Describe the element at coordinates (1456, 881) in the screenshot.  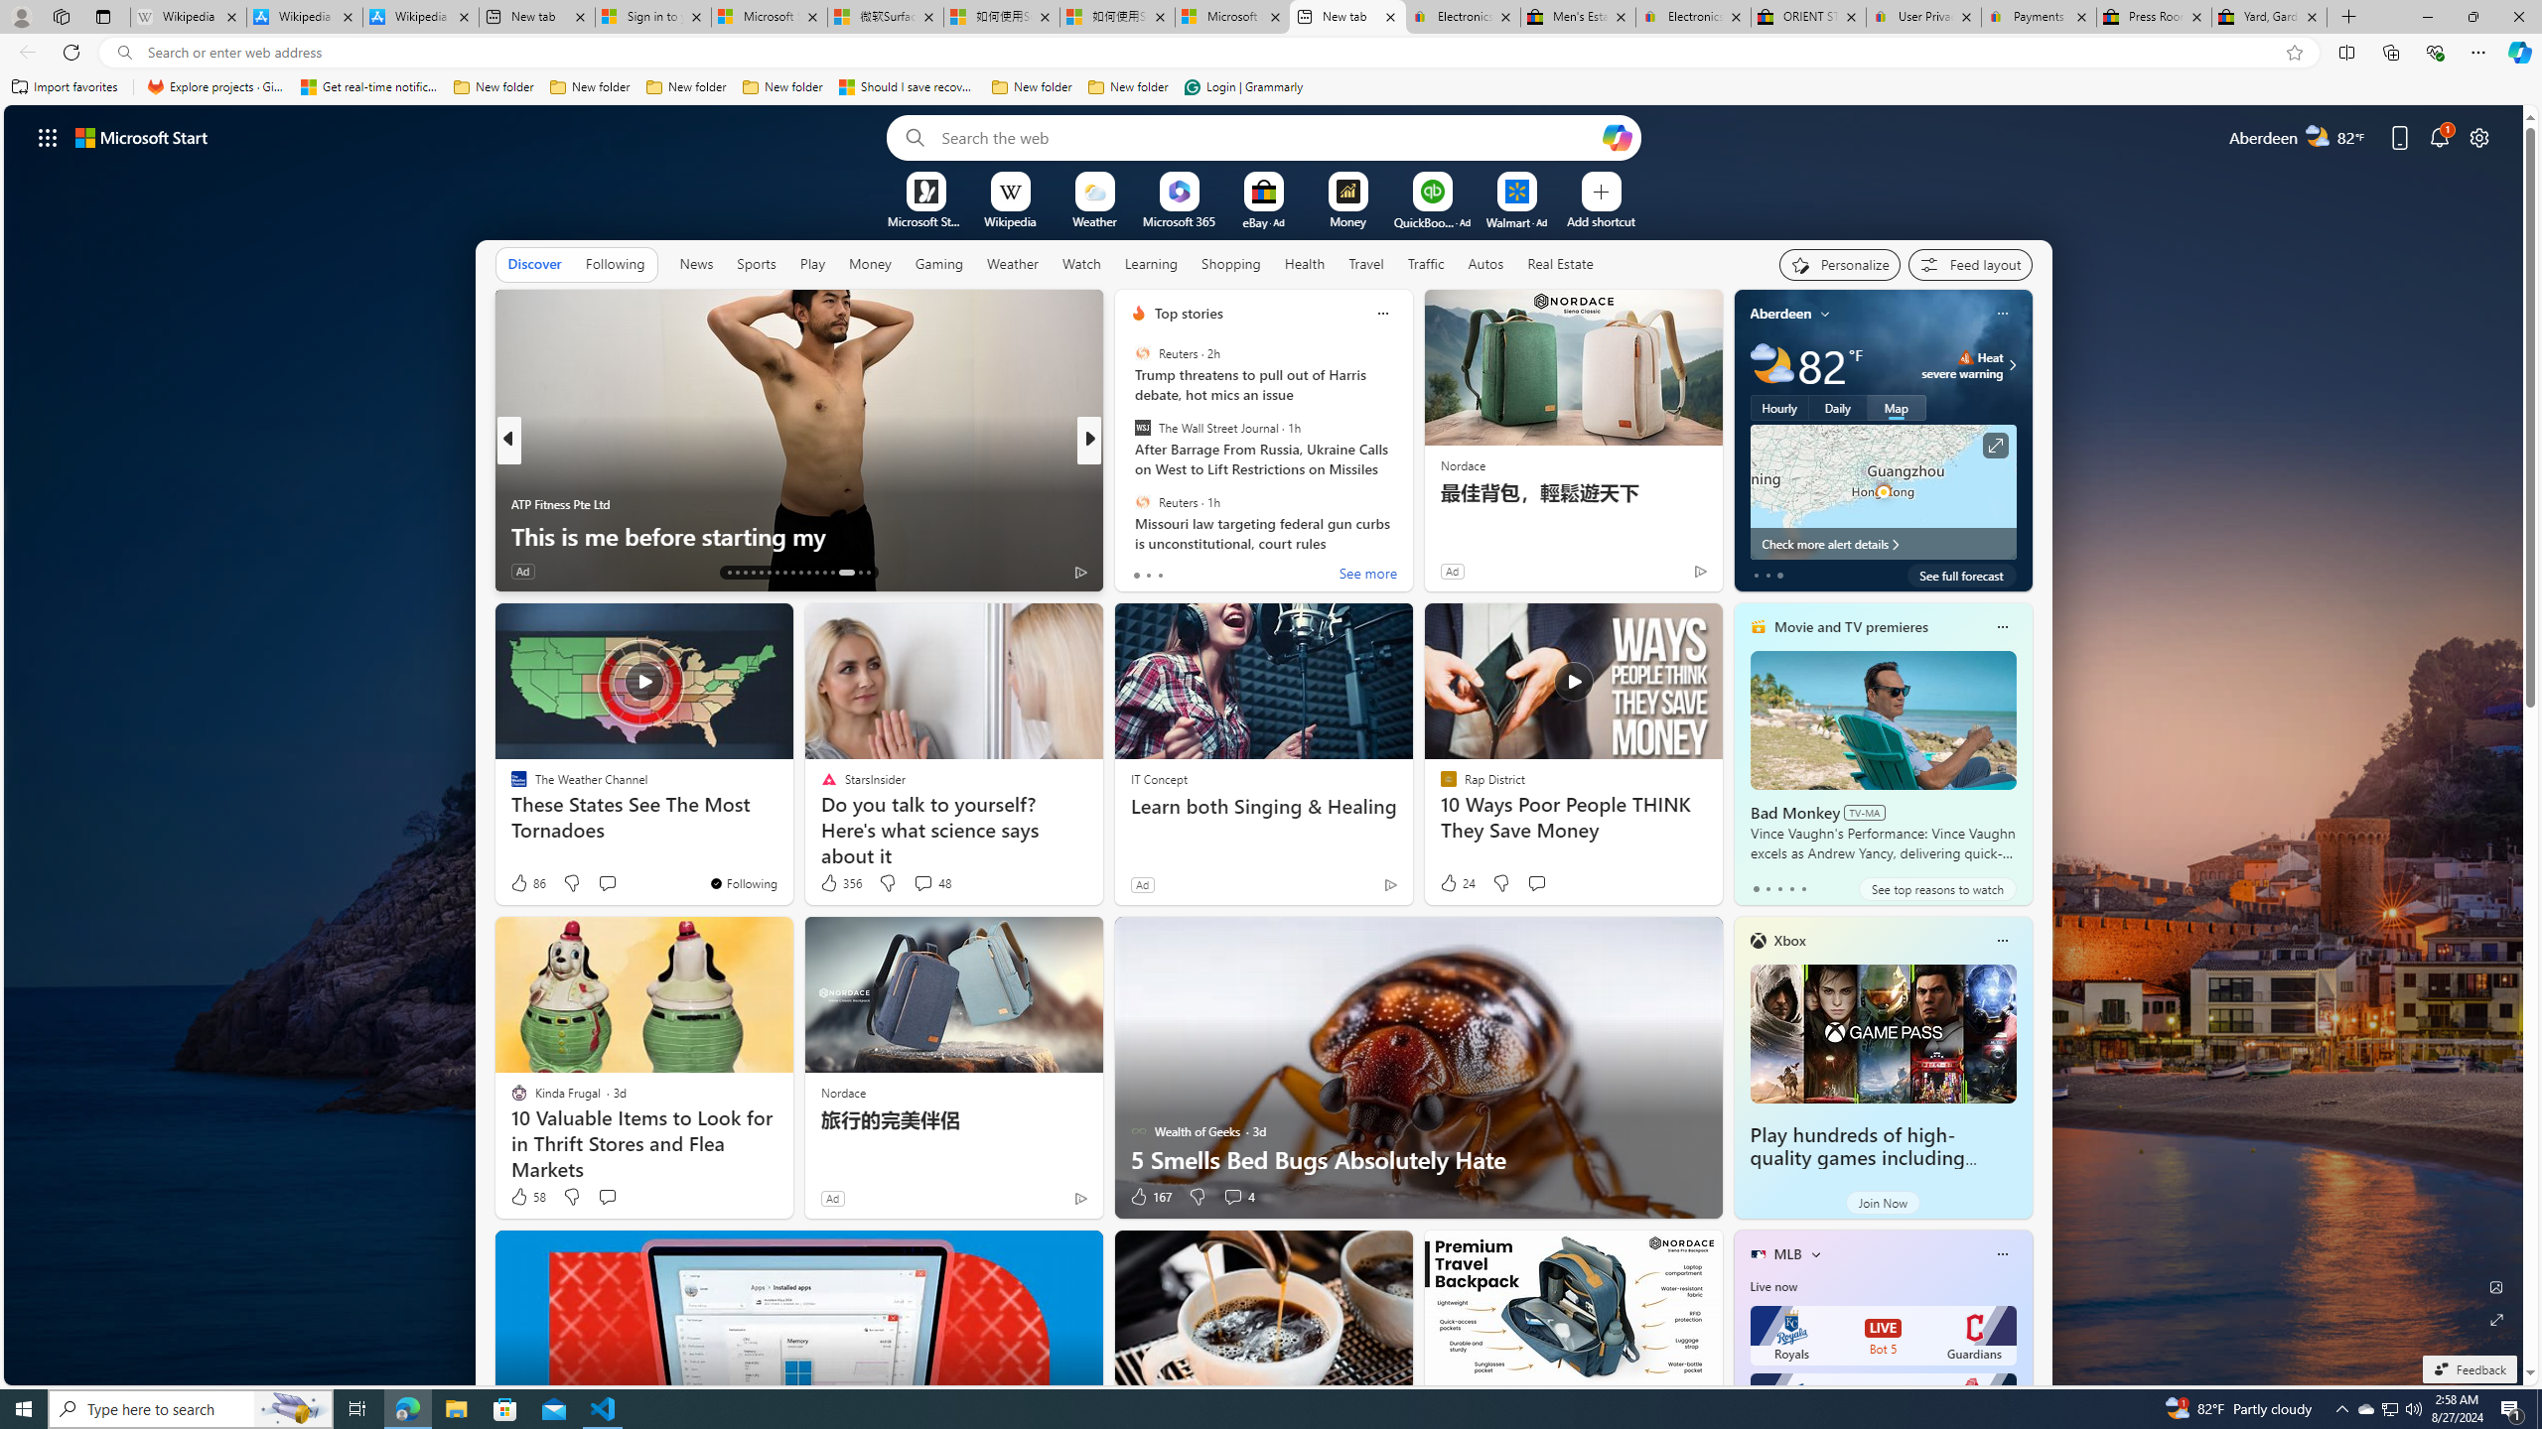
I see `'24 Like'` at that location.